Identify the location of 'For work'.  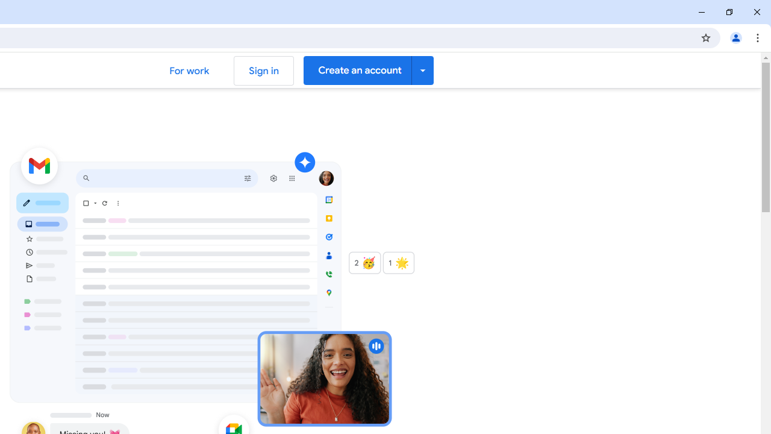
(189, 71).